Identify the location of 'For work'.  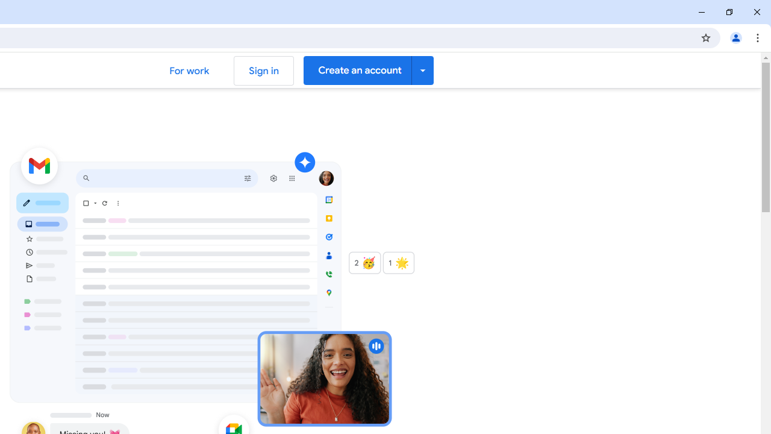
(189, 71).